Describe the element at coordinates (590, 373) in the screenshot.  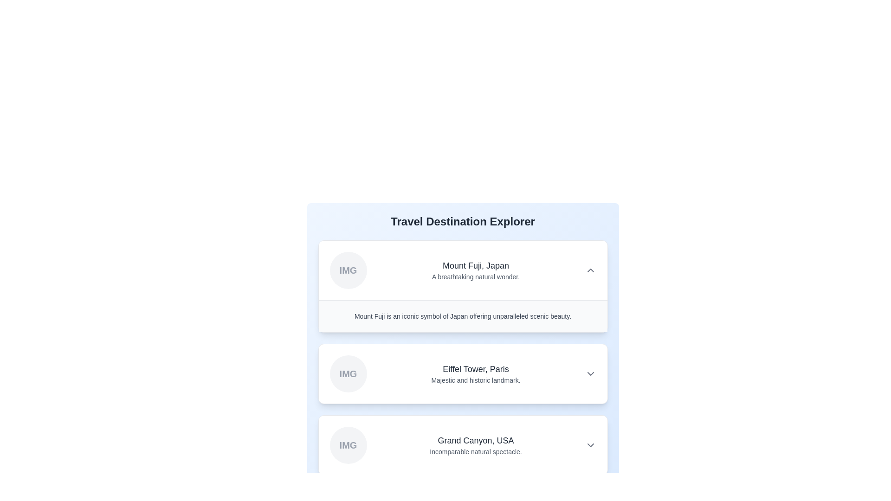
I see `the expand/collapse button for the destination Eiffel Tower, Paris` at that location.